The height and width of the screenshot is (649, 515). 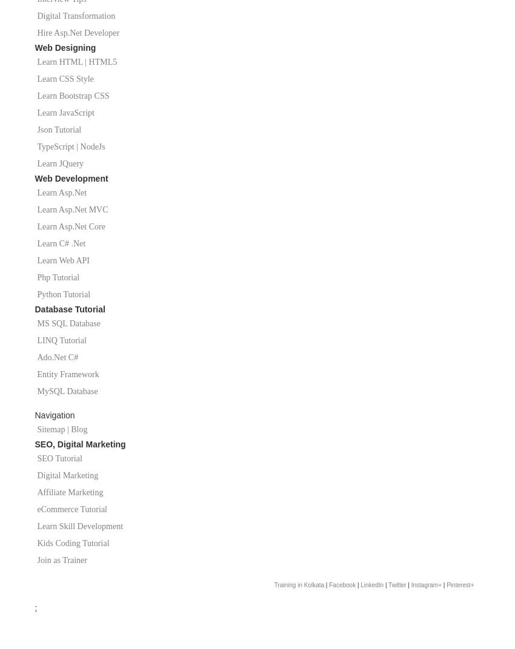 I want to click on 'SEO Tutorial', so click(x=59, y=458).